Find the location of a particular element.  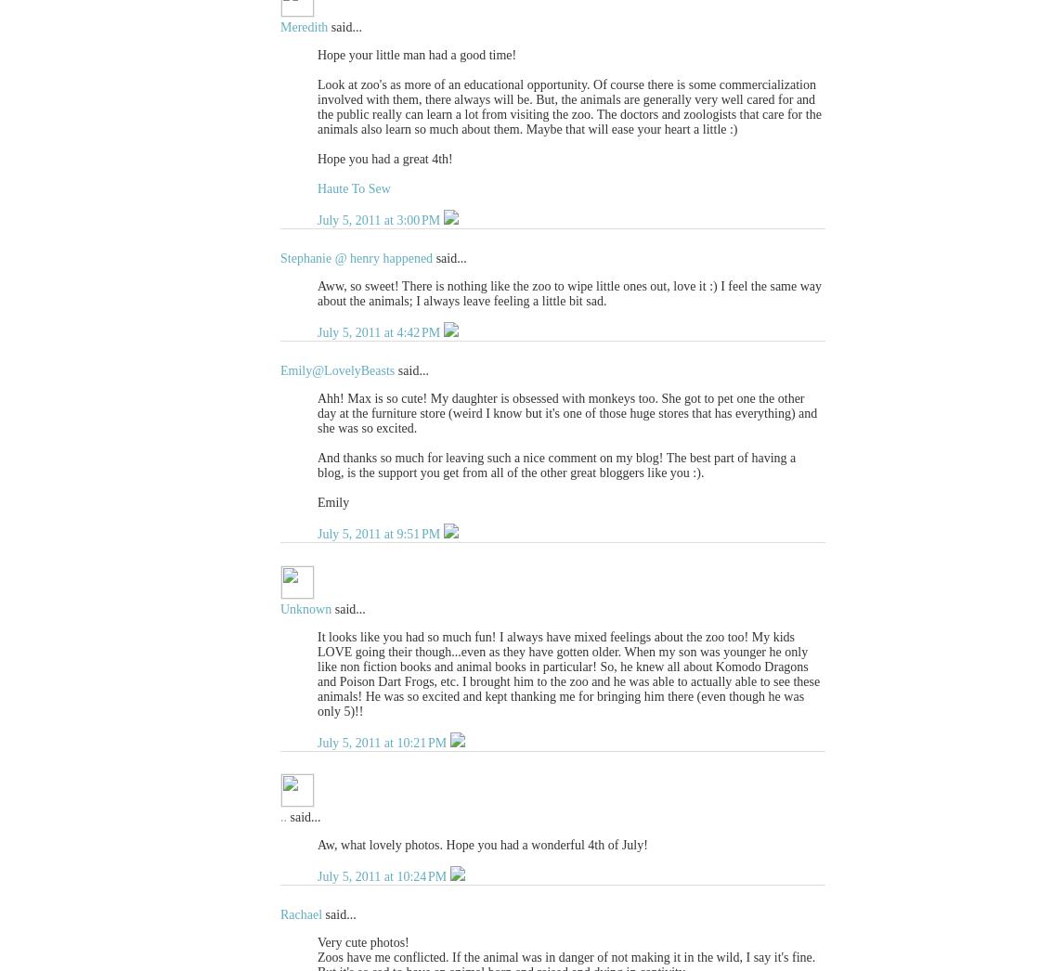

'July 5, 2011 at 4:42 PM' is located at coordinates (380, 331).